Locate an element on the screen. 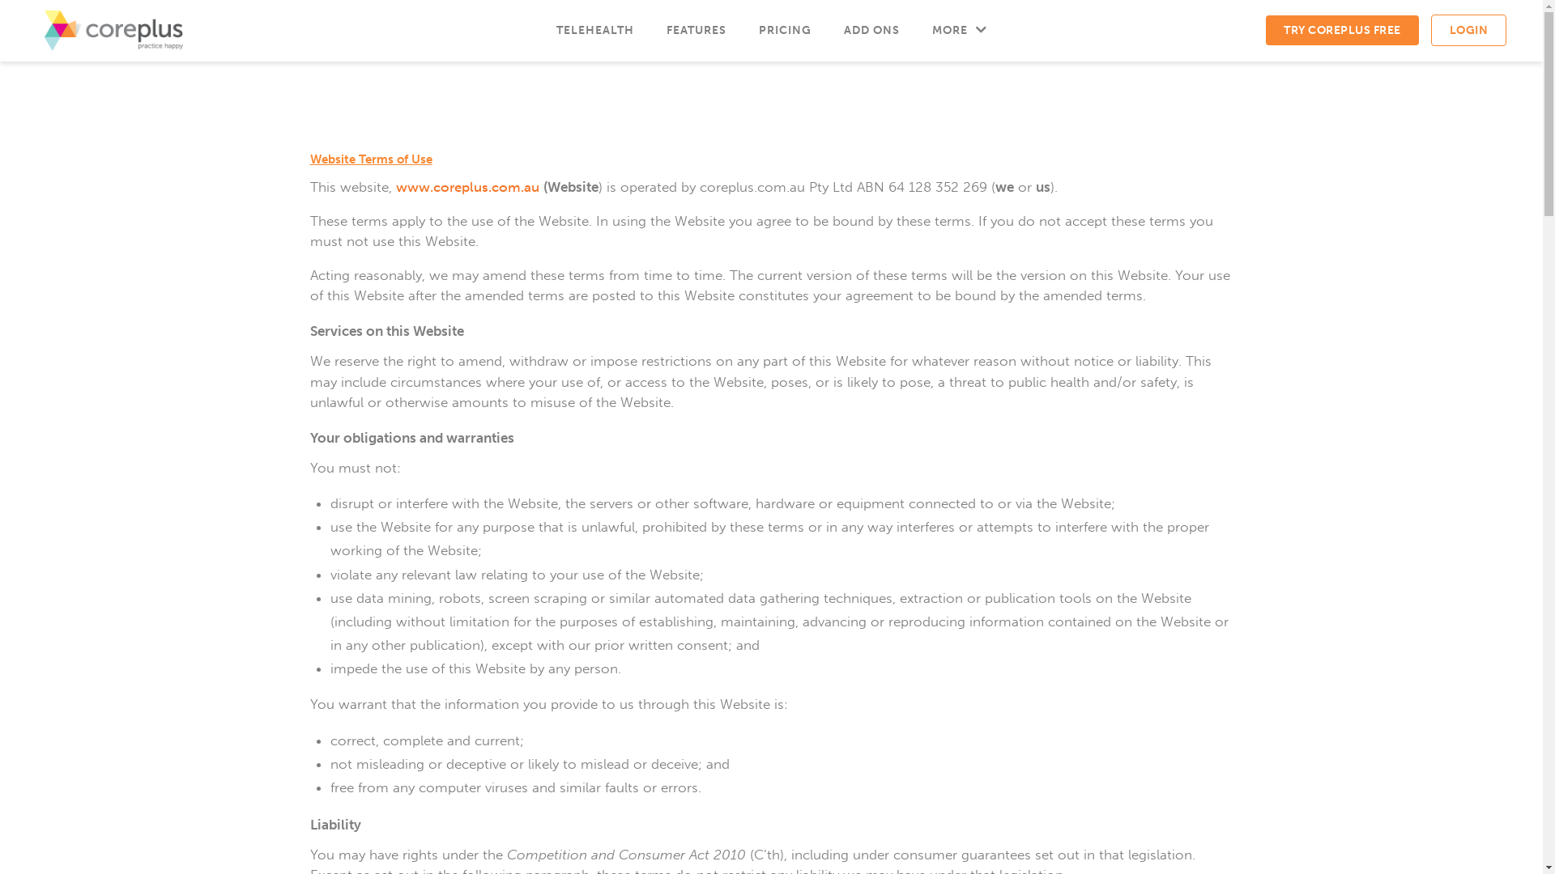  'TRY COREPLUS FREE' is located at coordinates (1342, 30).